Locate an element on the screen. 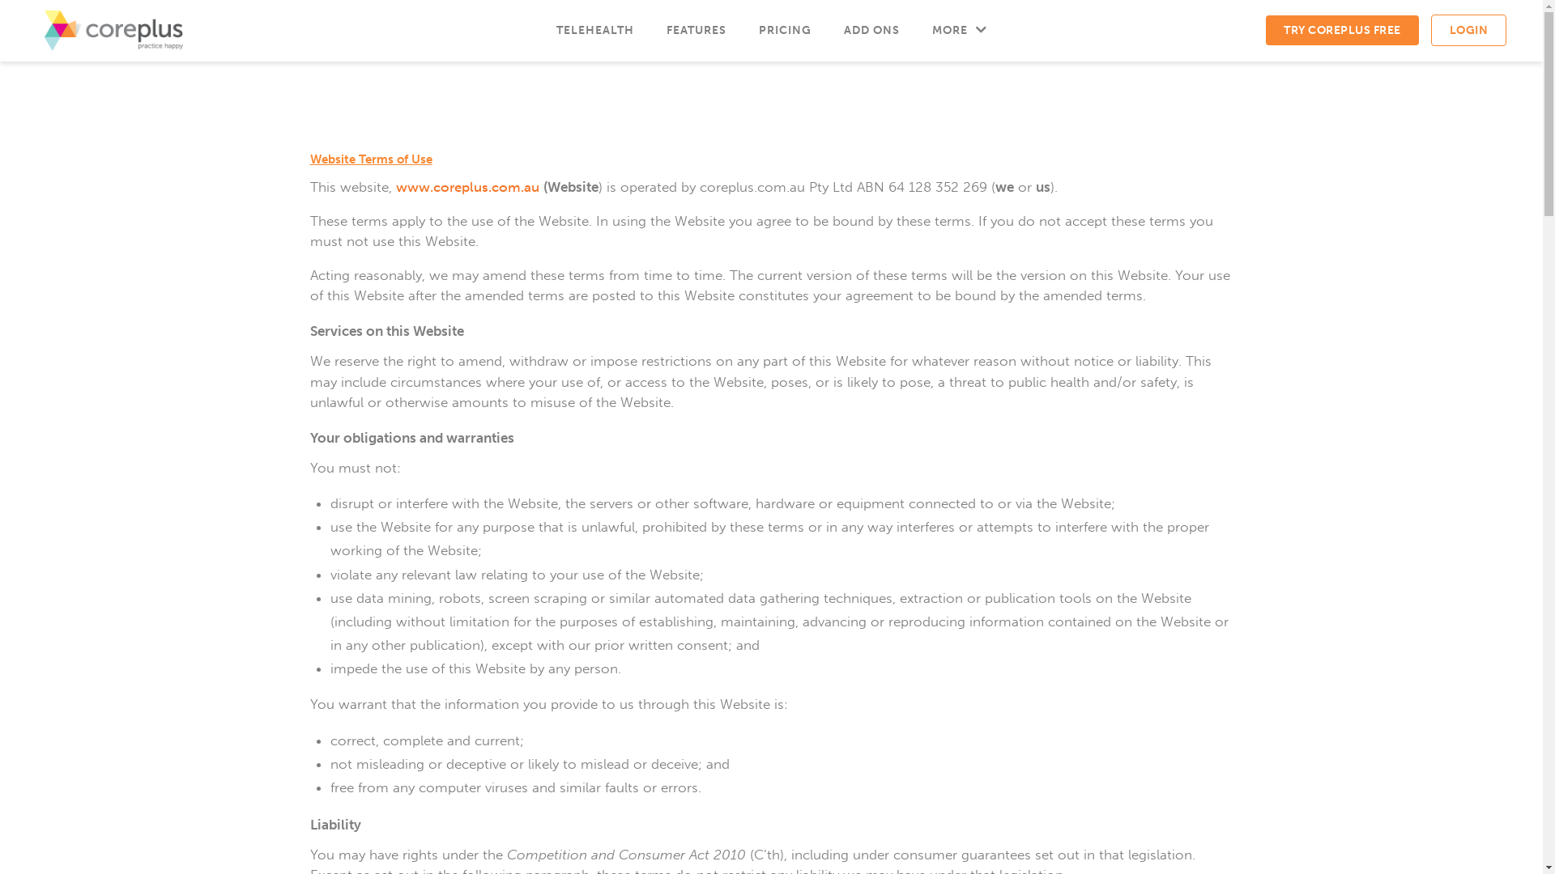  'TRY COREPLUS FREE' is located at coordinates (1342, 30).